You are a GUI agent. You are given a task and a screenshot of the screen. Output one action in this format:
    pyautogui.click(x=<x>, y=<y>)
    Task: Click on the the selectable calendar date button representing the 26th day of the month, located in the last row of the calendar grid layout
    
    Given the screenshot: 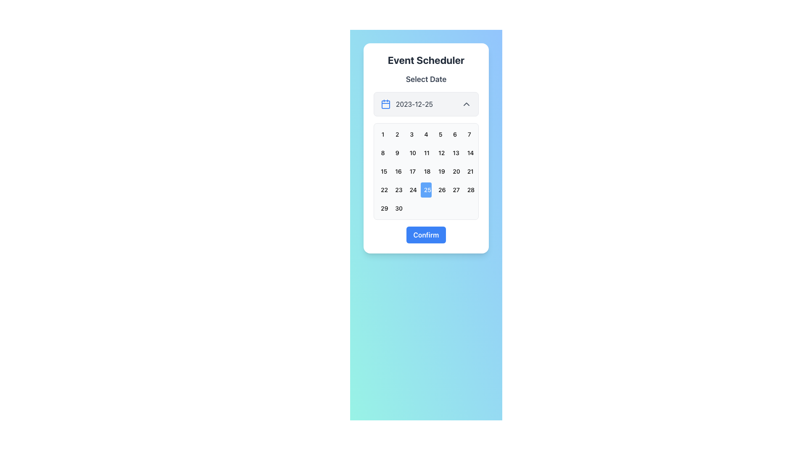 What is the action you would take?
    pyautogui.click(x=440, y=190)
    